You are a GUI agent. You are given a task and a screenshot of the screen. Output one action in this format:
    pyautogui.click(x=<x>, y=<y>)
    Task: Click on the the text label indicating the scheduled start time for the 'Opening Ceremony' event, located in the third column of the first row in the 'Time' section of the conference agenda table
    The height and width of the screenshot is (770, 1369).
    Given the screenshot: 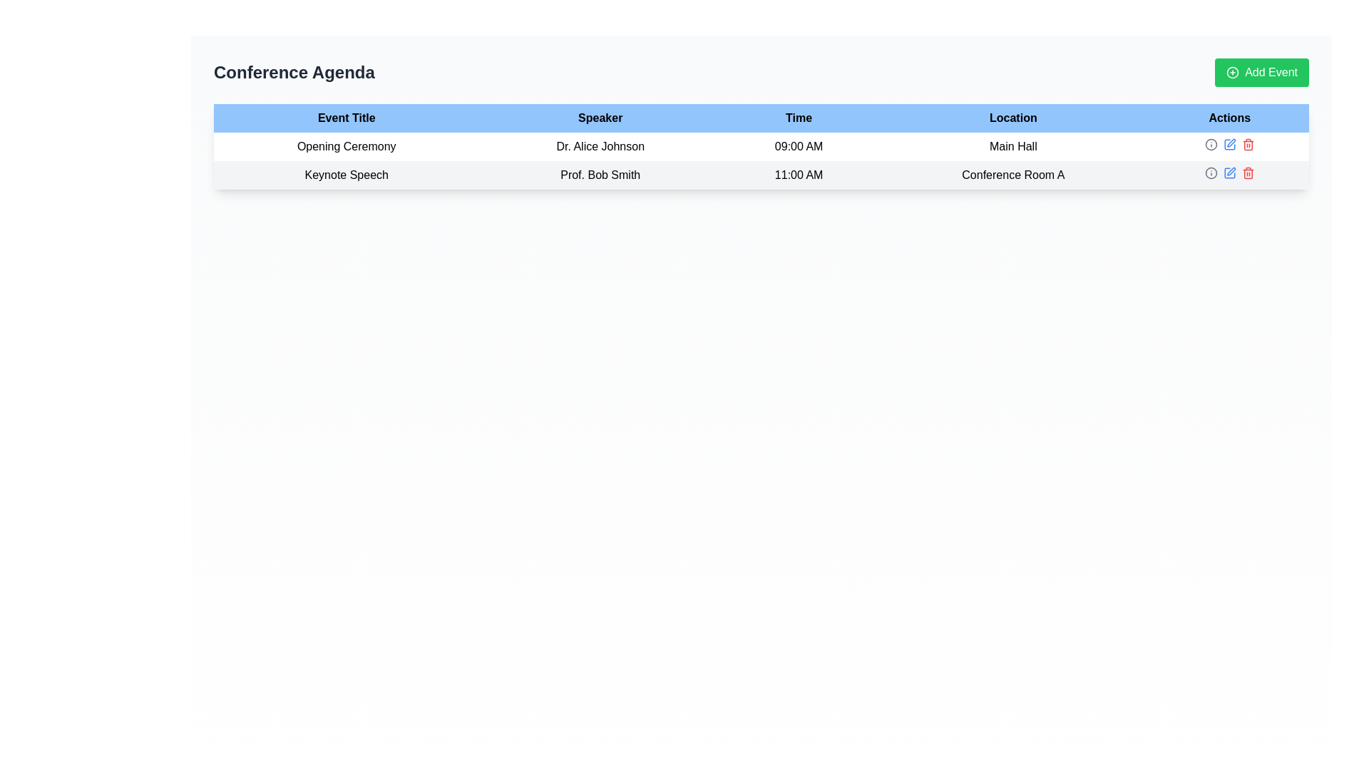 What is the action you would take?
    pyautogui.click(x=799, y=146)
    